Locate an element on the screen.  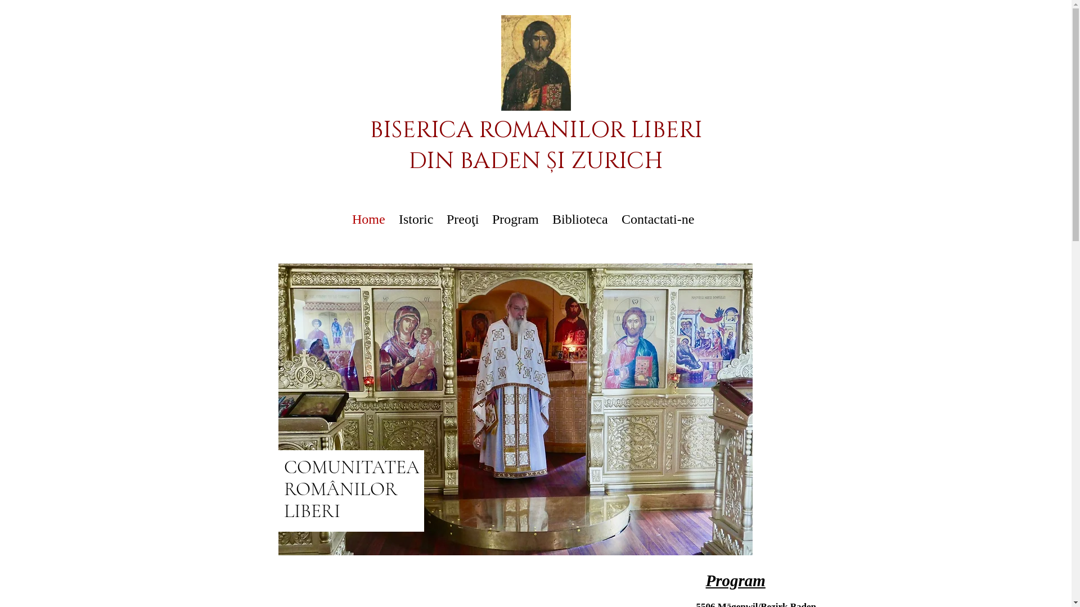
'BISERICA ROMA' is located at coordinates (369, 129).